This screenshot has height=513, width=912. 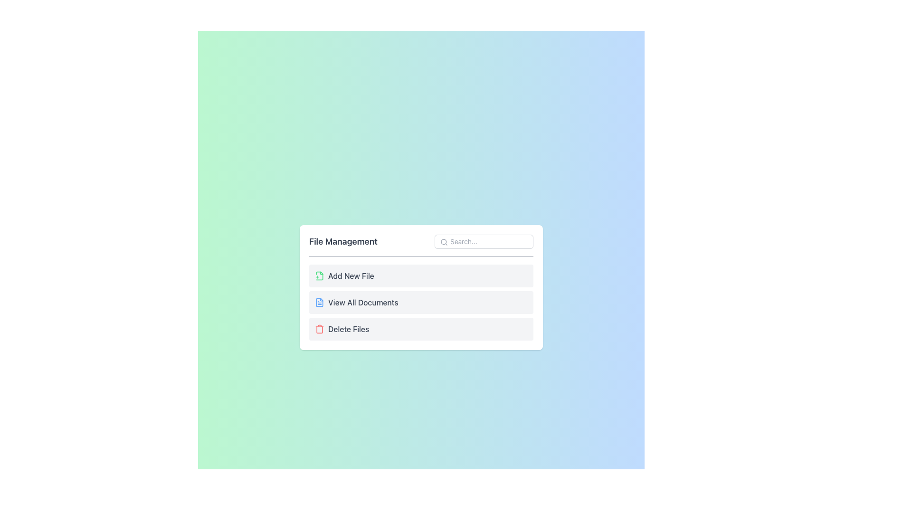 I want to click on the blue outlined document icon representing the 'View All Documents' menu item, so click(x=319, y=302).